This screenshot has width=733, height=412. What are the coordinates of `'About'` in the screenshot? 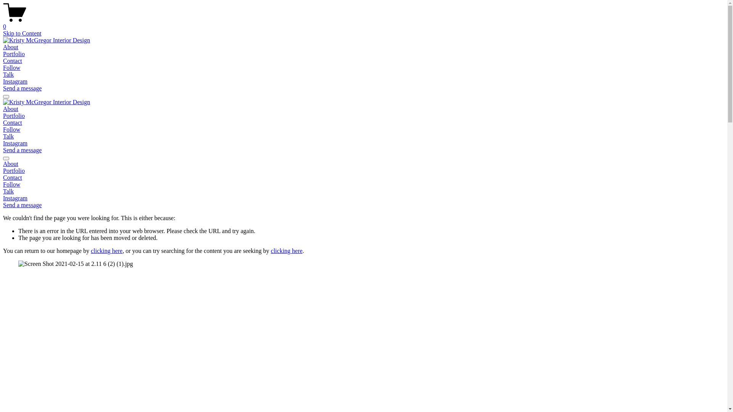 It's located at (11, 109).